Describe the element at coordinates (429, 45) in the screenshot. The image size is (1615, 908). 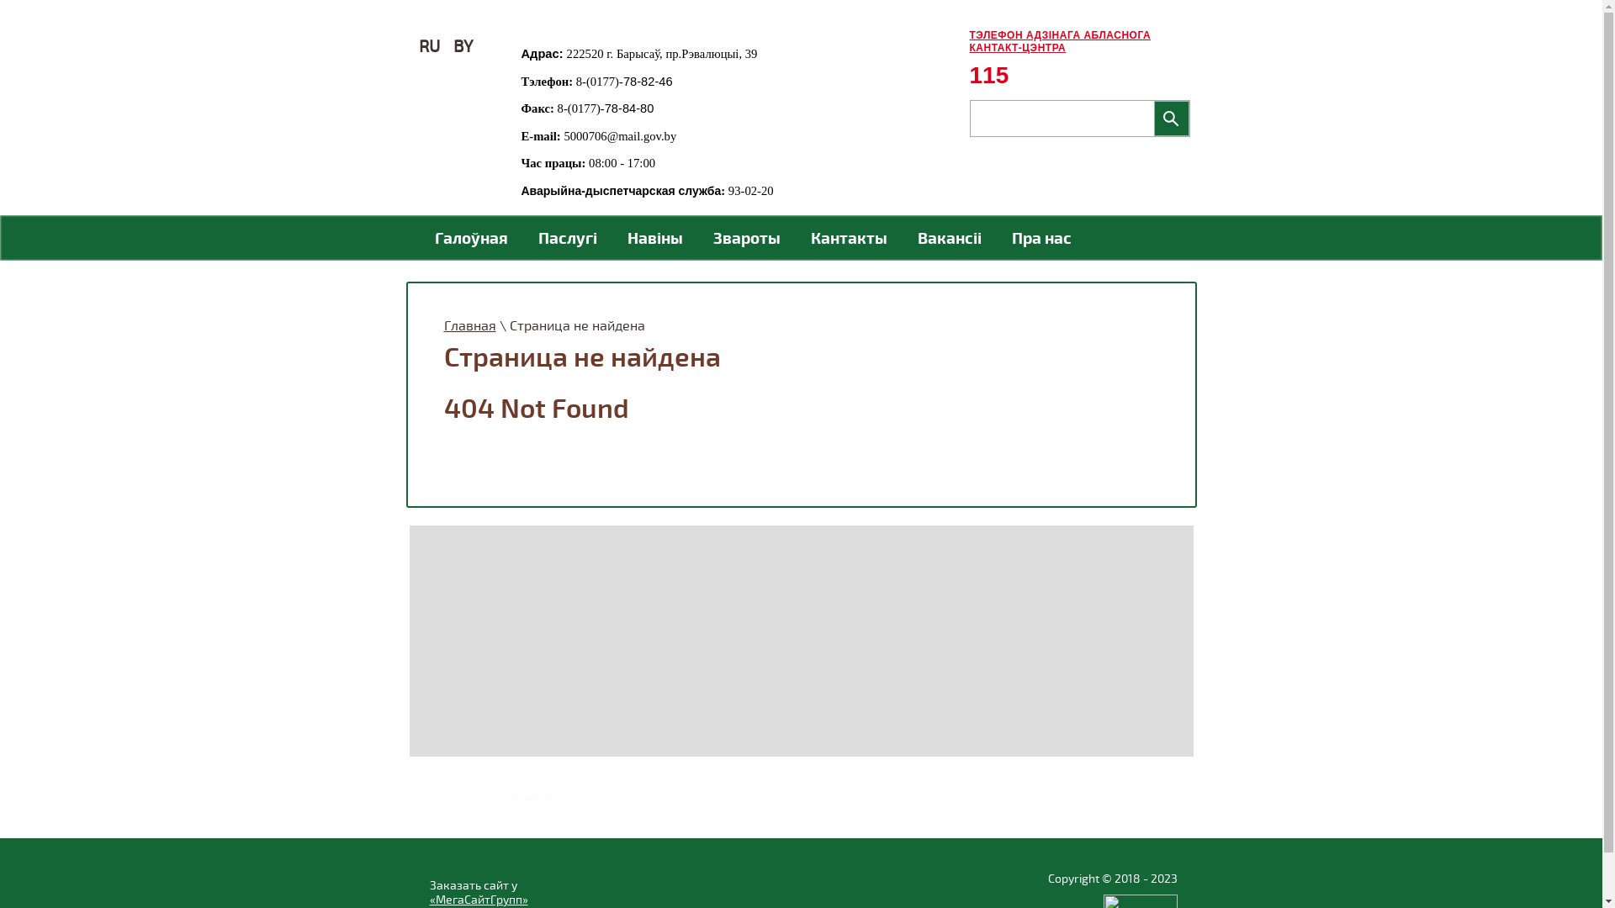
I see `'RU'` at that location.